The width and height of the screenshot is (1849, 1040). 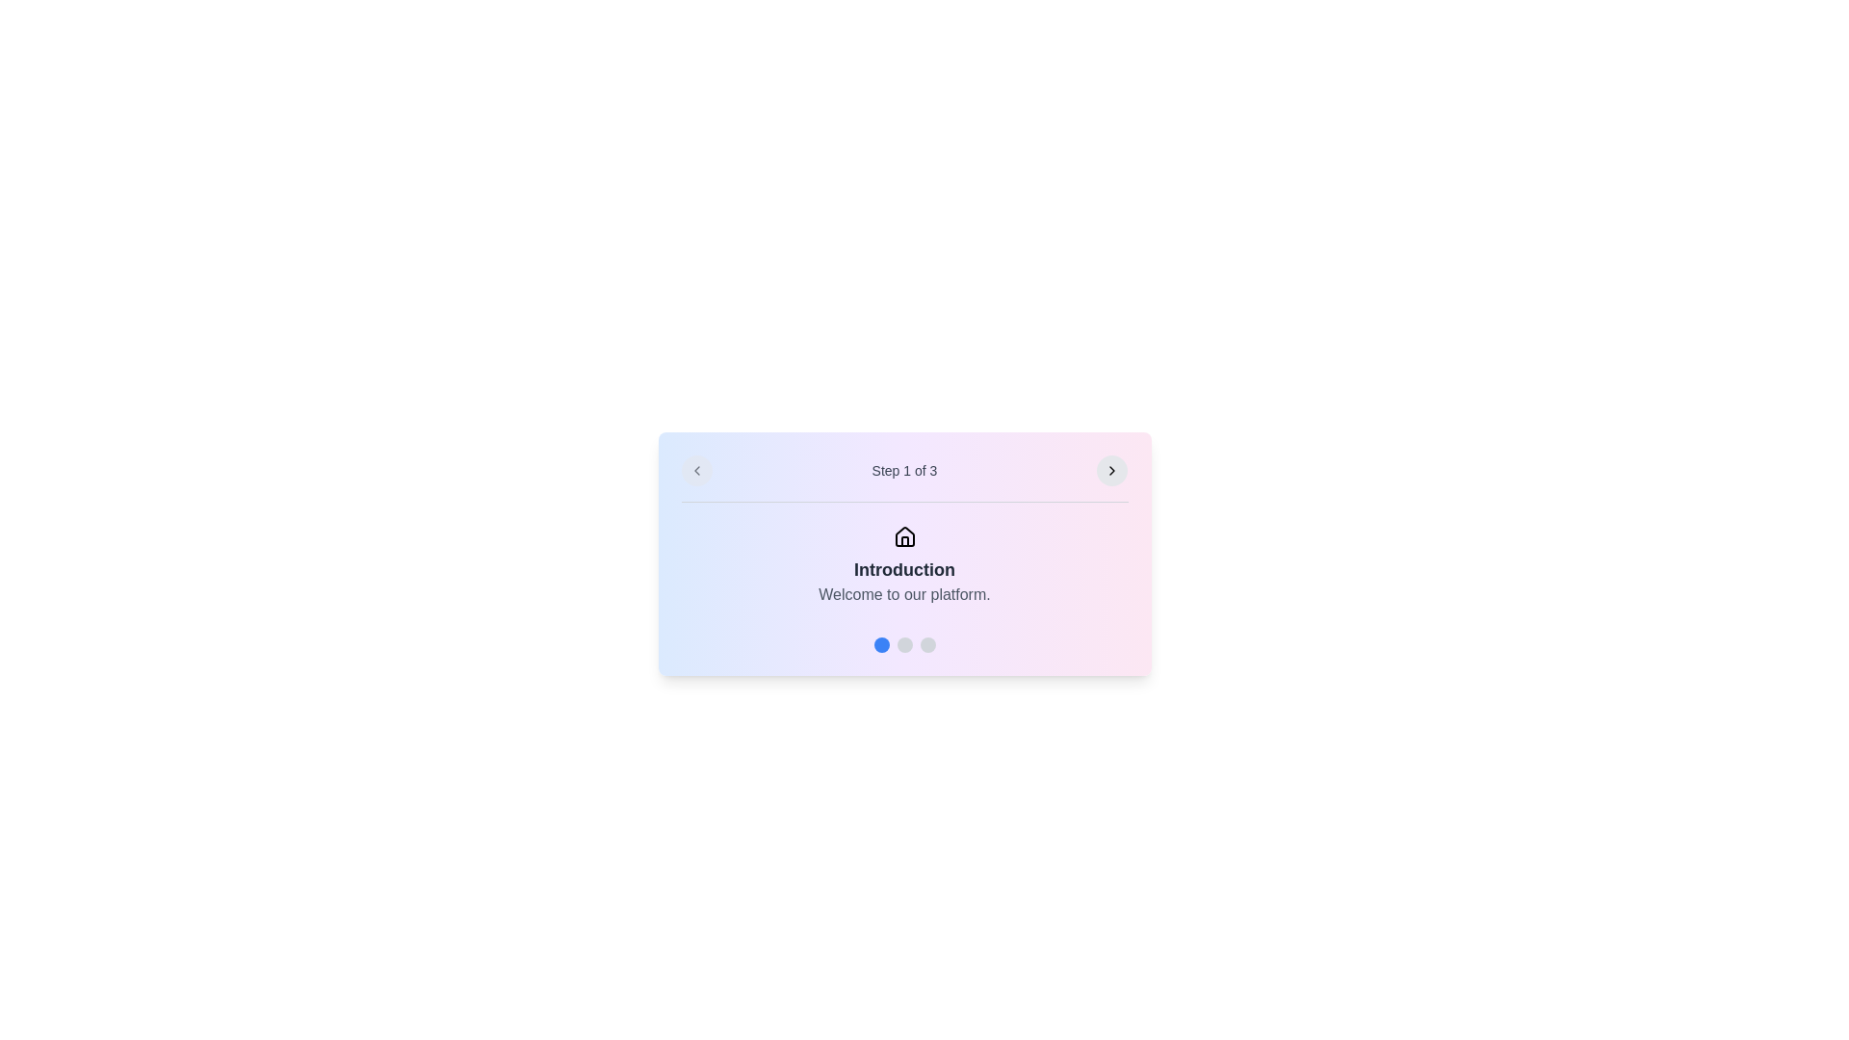 I want to click on the first circular progress indicator, which is solid blue and located at the bottom center of the interface, so click(x=880, y=645).